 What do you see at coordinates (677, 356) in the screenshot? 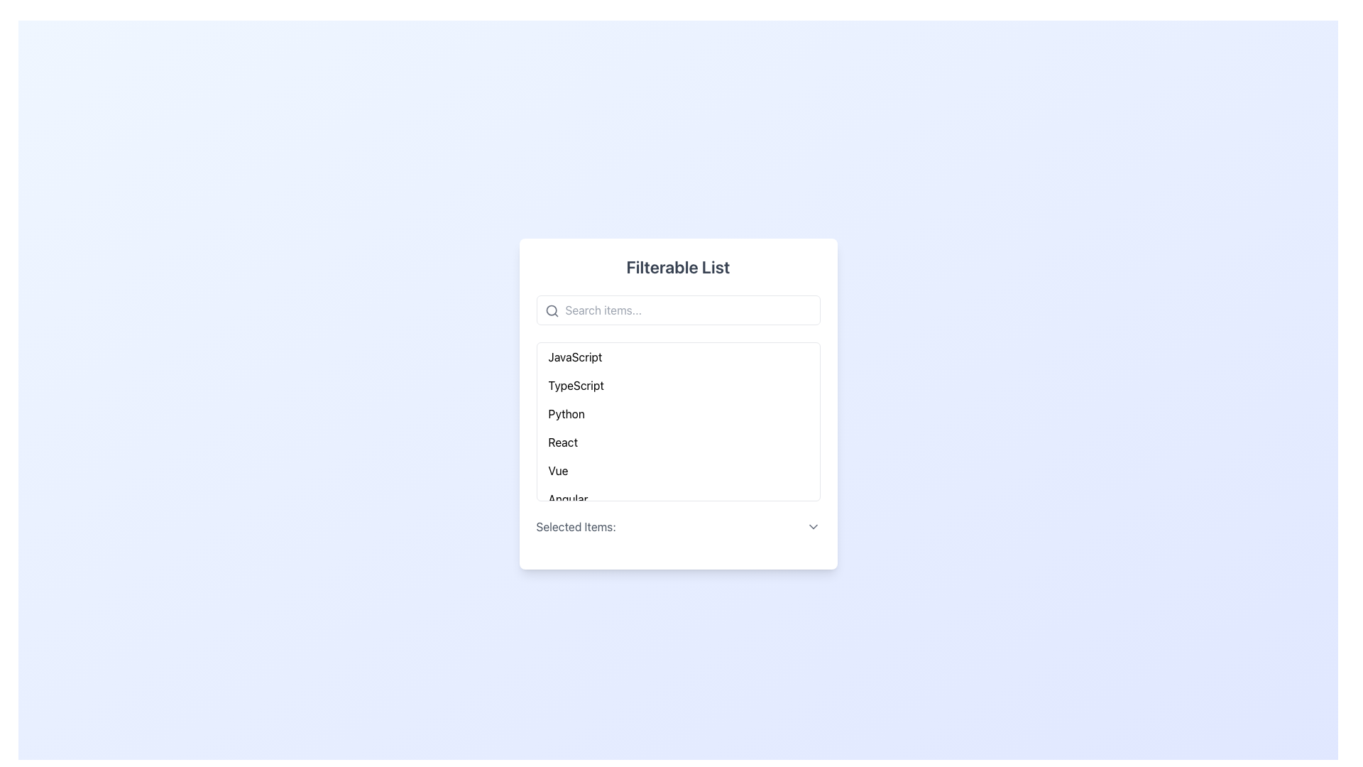
I see `the 'JavaScript' option in the dropdown menu` at bounding box center [677, 356].